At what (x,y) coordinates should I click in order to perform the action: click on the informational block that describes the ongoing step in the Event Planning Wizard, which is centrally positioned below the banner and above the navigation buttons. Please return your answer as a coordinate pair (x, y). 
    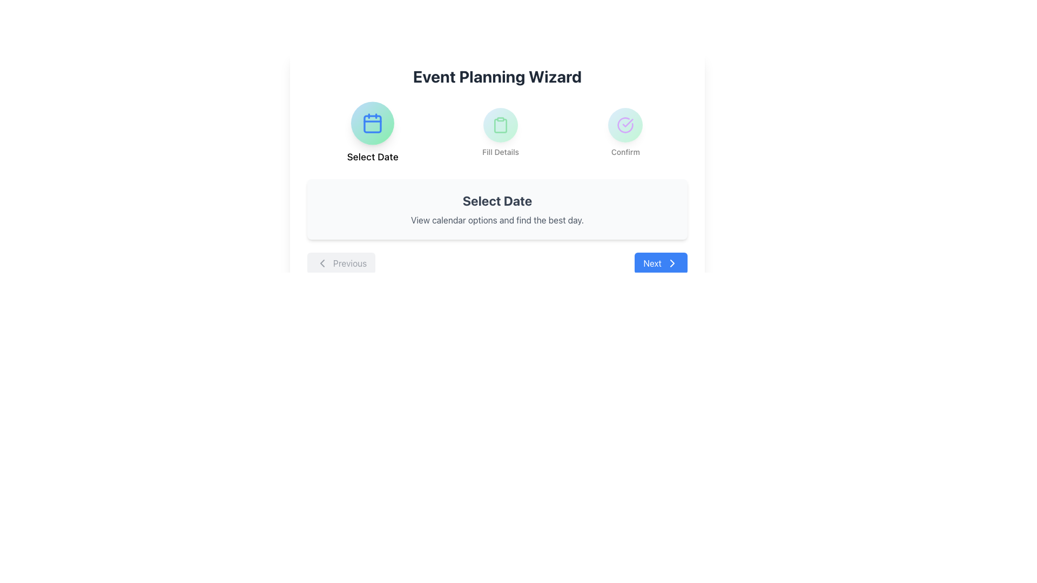
    Looking at the image, I should click on (497, 209).